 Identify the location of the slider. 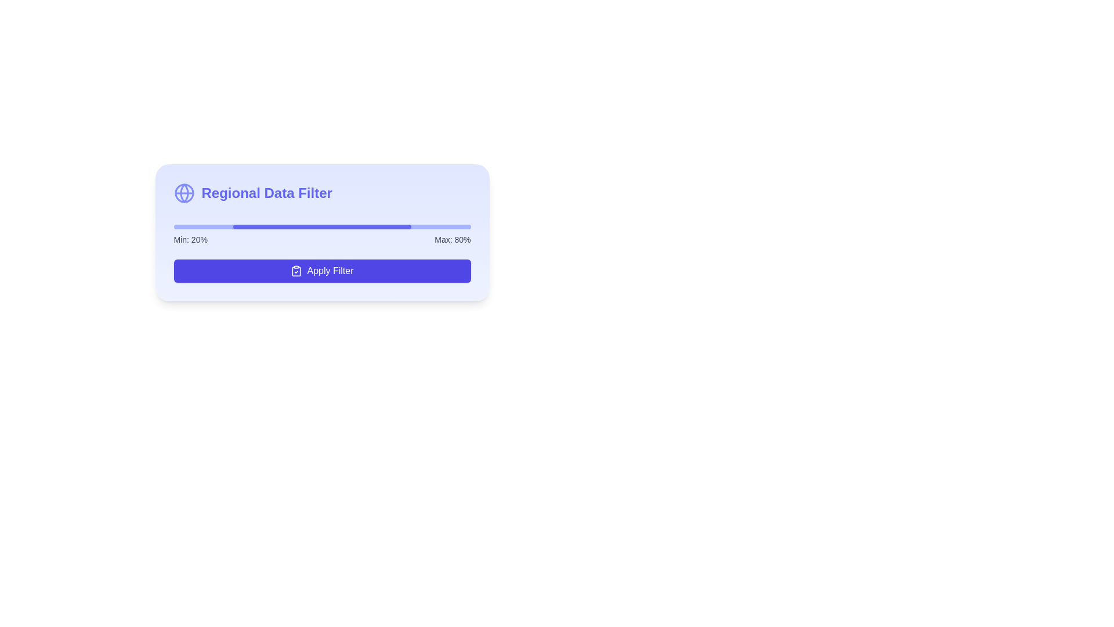
(339, 224).